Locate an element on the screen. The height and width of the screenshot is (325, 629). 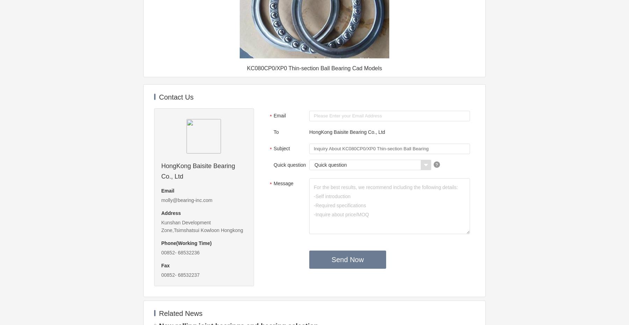
'To' is located at coordinates (273, 132).